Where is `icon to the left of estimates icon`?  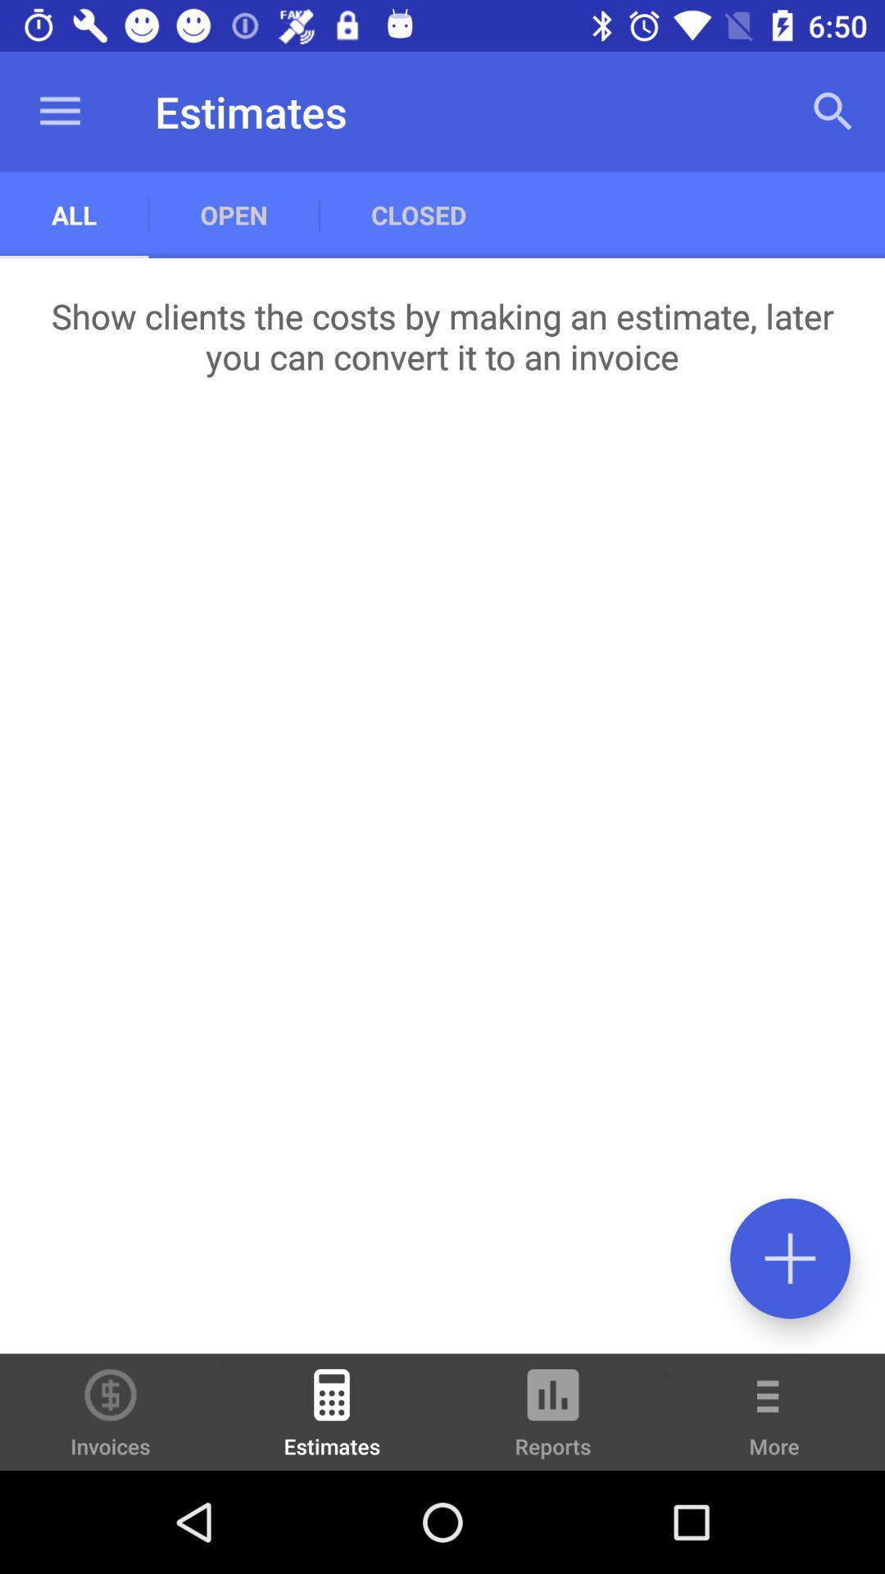 icon to the left of estimates icon is located at coordinates (111, 1411).